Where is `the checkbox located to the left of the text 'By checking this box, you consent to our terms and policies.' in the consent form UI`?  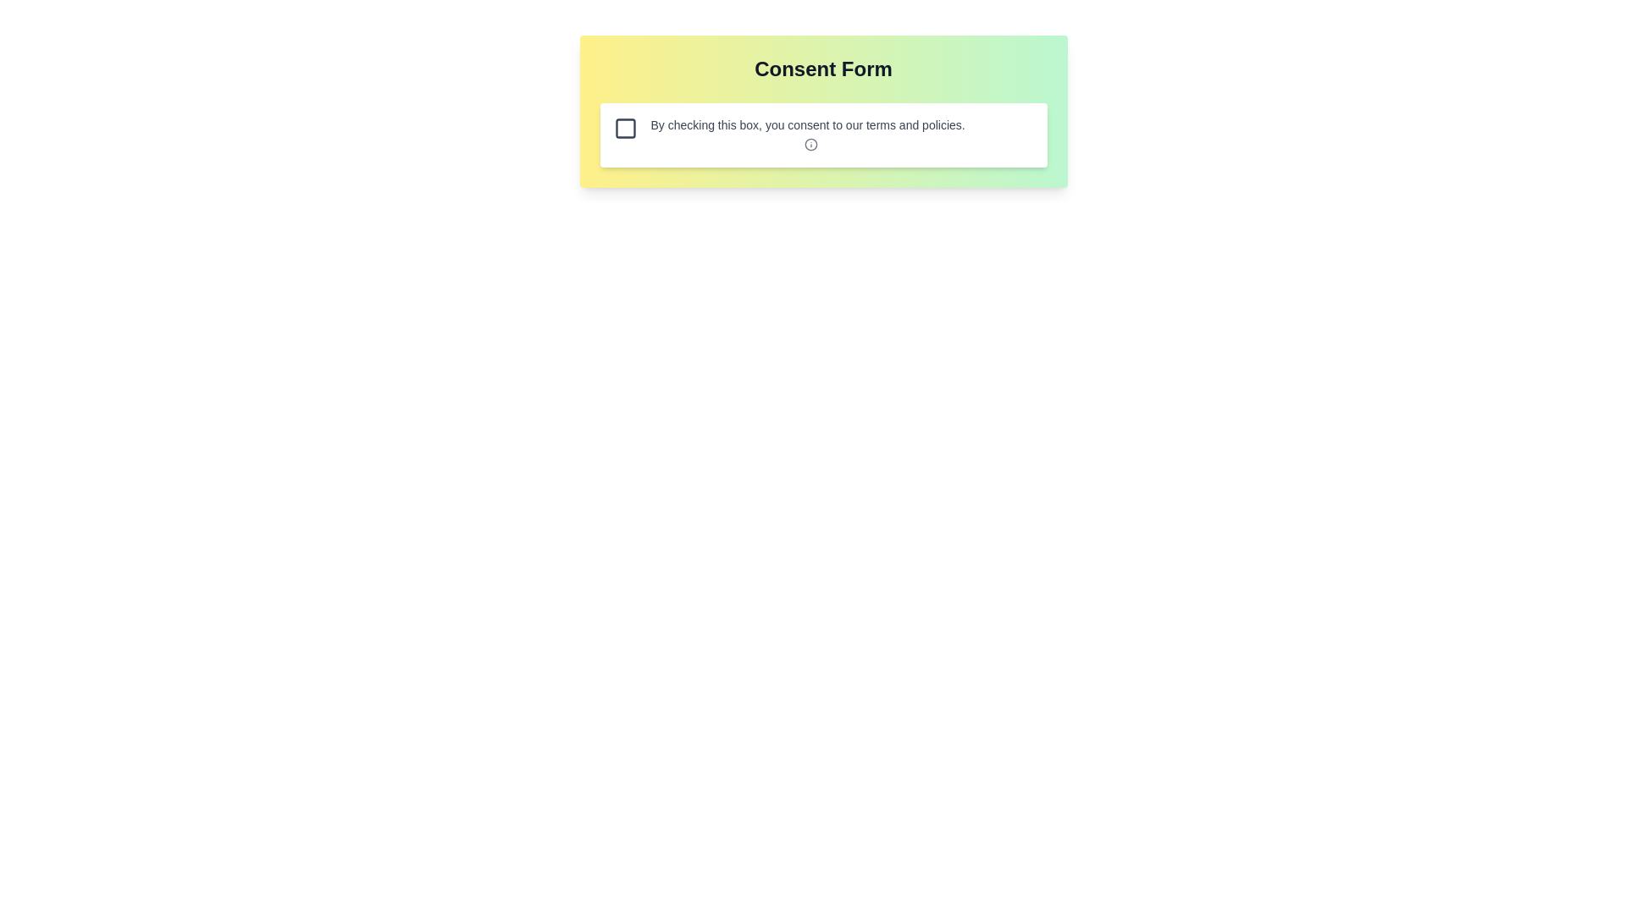 the checkbox located to the left of the text 'By checking this box, you consent to our terms and policies.' in the consent form UI is located at coordinates (624, 127).